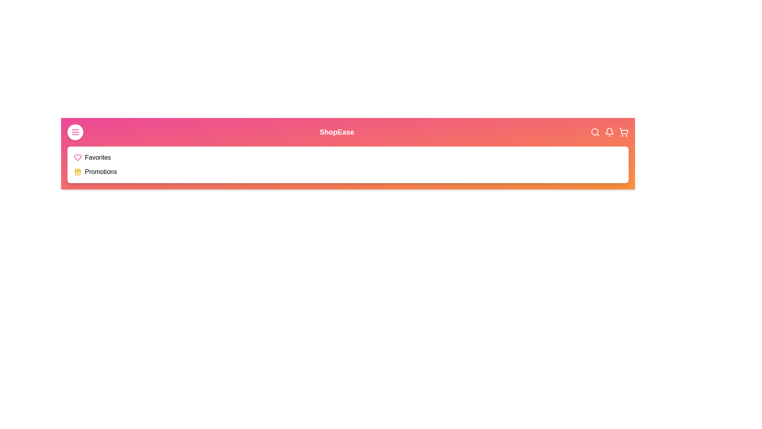  What do you see at coordinates (100, 171) in the screenshot?
I see `the navigation item Promotions in the EnhancedAppBar` at bounding box center [100, 171].